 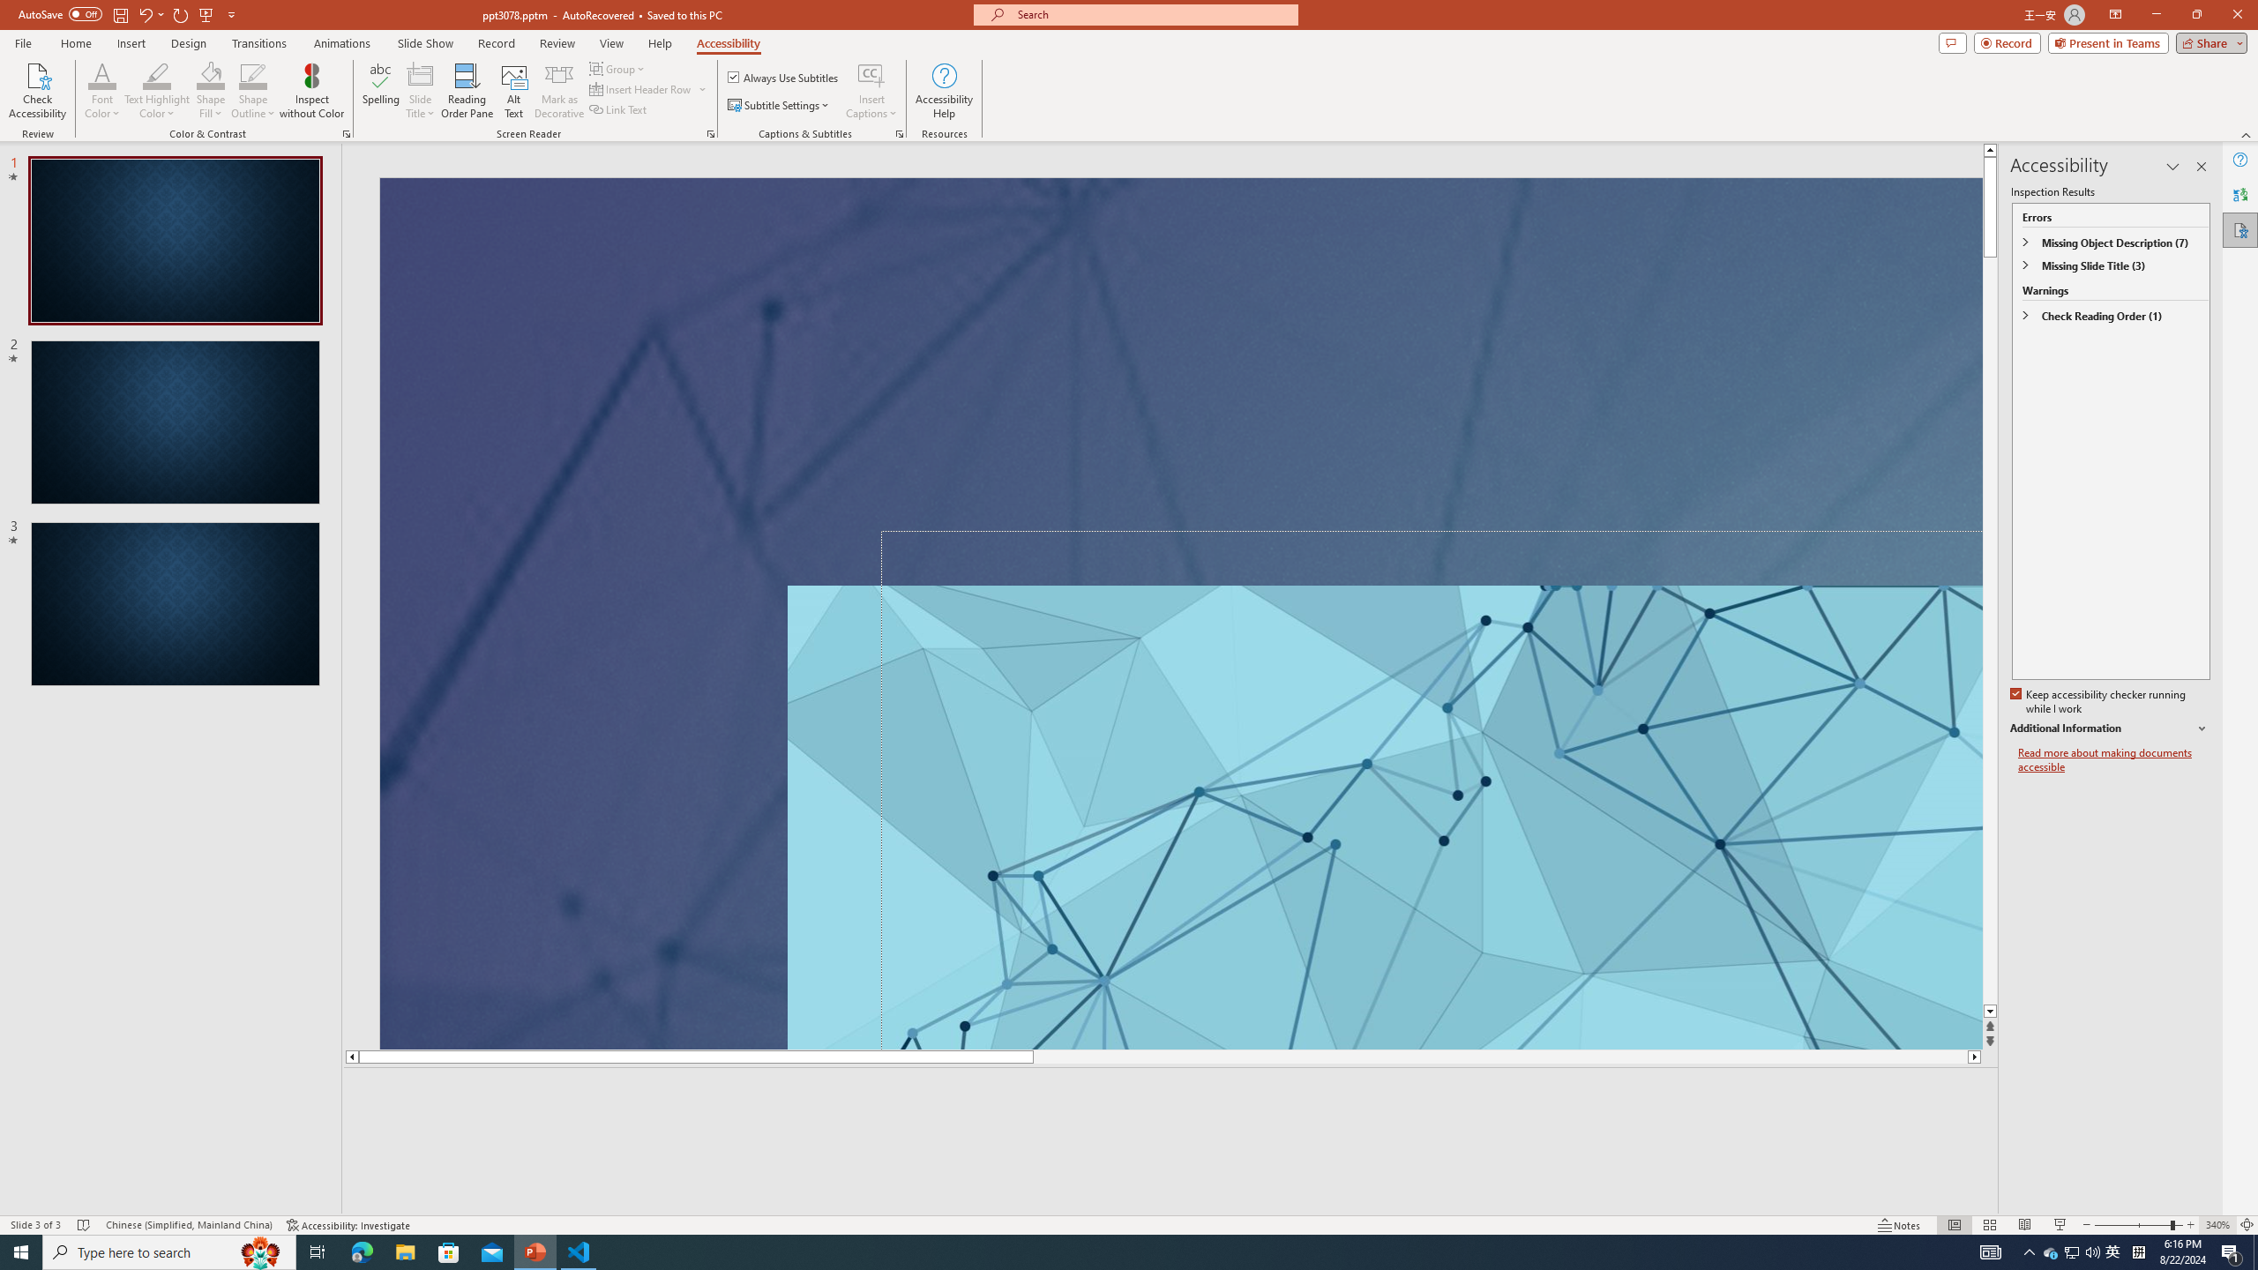 I want to click on 'Accessibility Help', so click(x=945, y=91).